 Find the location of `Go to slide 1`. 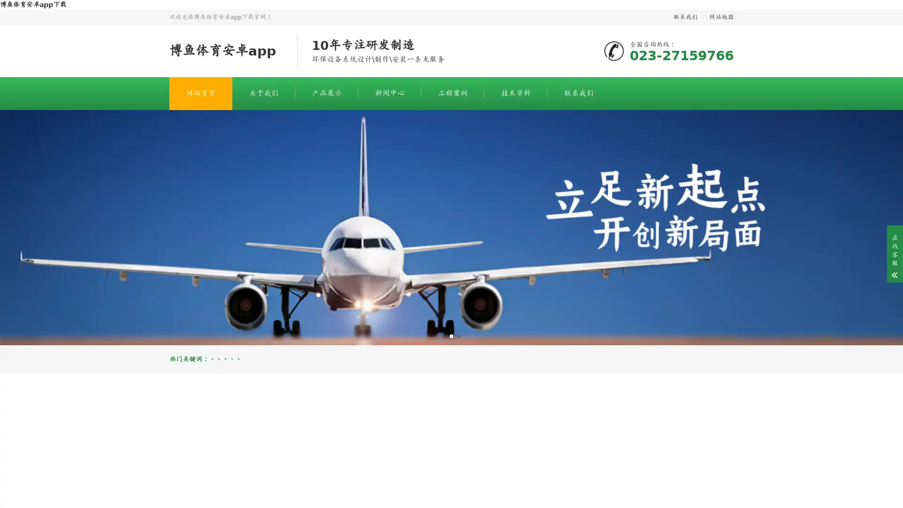

Go to slide 1 is located at coordinates (444, 335).